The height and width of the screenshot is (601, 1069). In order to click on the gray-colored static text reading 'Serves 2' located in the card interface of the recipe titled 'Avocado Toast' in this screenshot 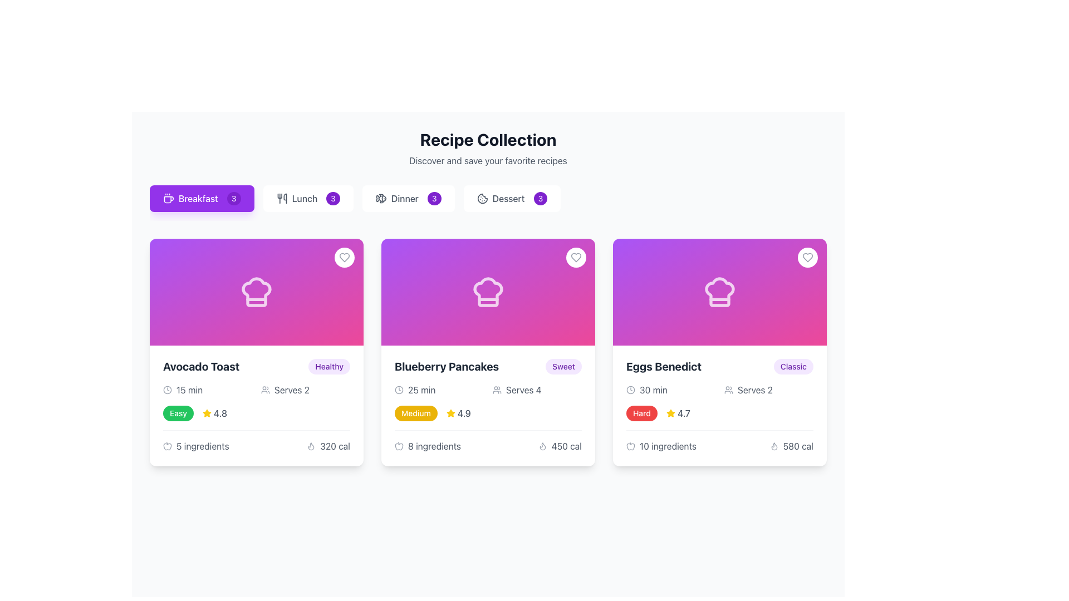, I will do `click(292, 390)`.